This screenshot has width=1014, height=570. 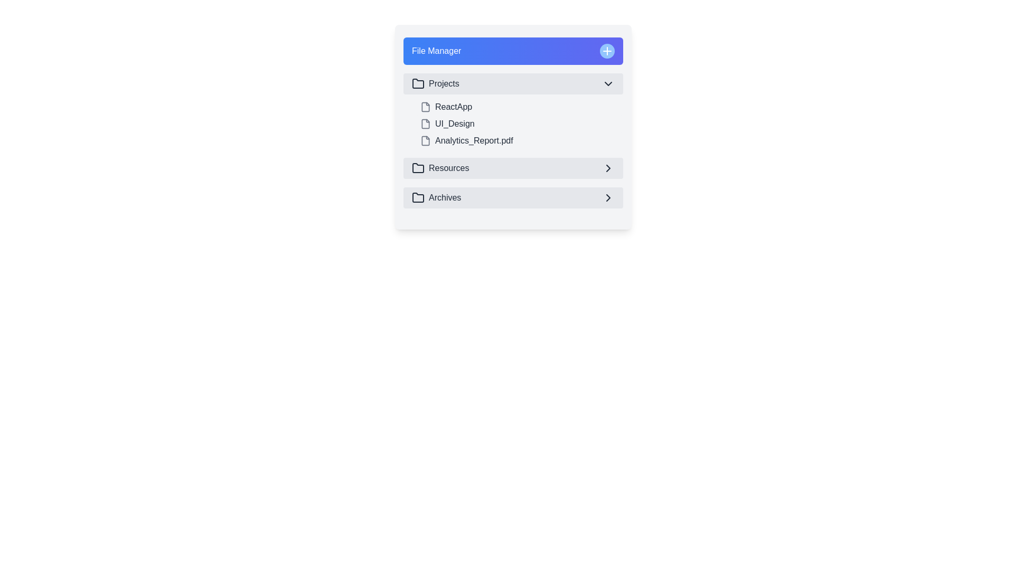 I want to click on the file type icon indicating that 'Analytics_Report.pdf' is a document, located at the left of the text label in the second position of the Projects folder in the File Manager interface, so click(x=426, y=140).